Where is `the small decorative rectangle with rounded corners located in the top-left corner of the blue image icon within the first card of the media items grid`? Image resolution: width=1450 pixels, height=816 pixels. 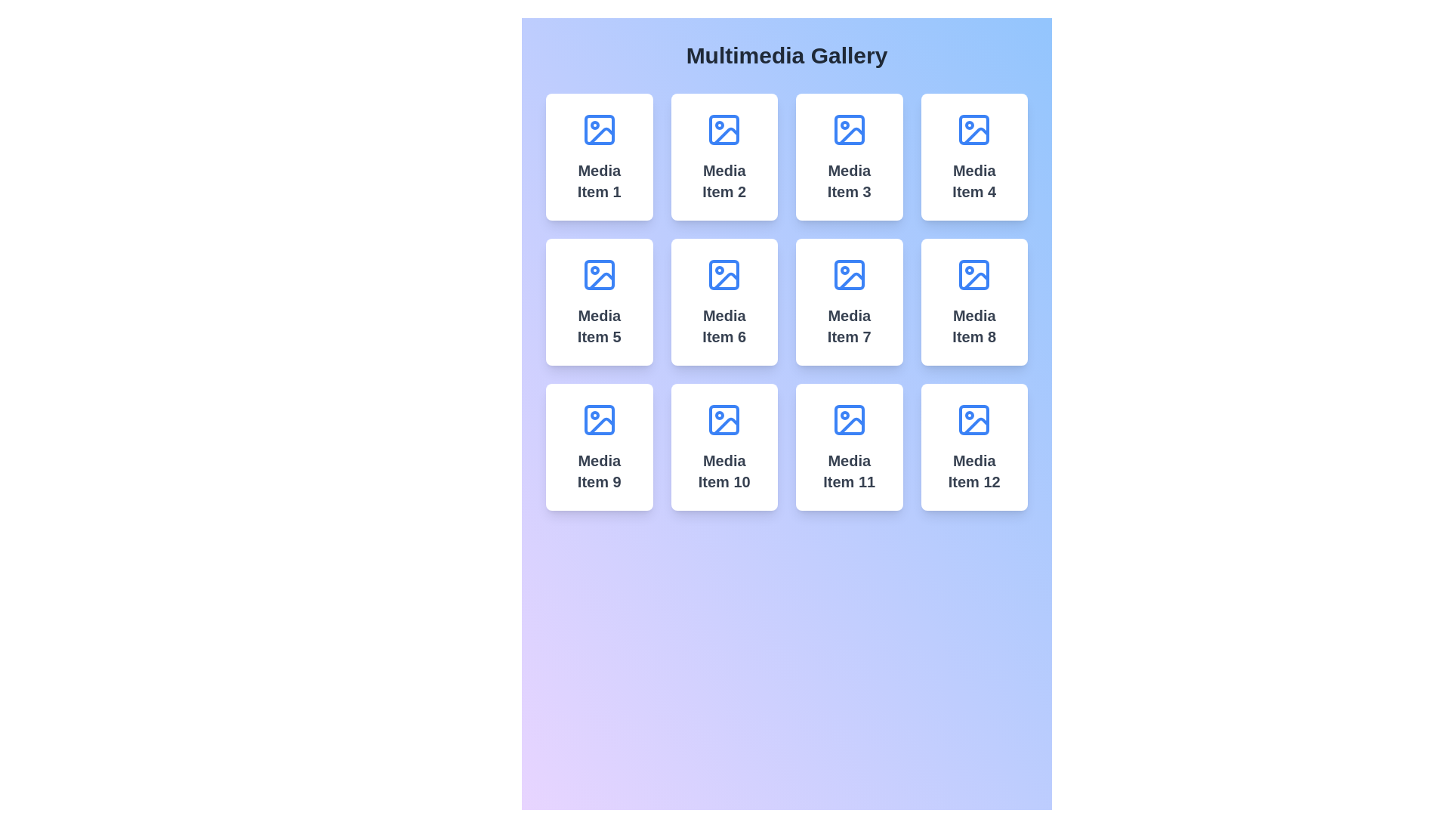
the small decorative rectangle with rounded corners located in the top-left corner of the blue image icon within the first card of the media items grid is located at coordinates (598, 129).